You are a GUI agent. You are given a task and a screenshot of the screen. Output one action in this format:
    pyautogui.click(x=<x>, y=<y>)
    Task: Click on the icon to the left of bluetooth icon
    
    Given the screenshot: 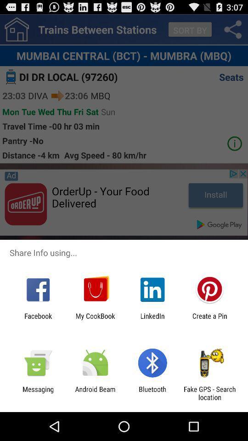 What is the action you would take?
    pyautogui.click(x=95, y=393)
    